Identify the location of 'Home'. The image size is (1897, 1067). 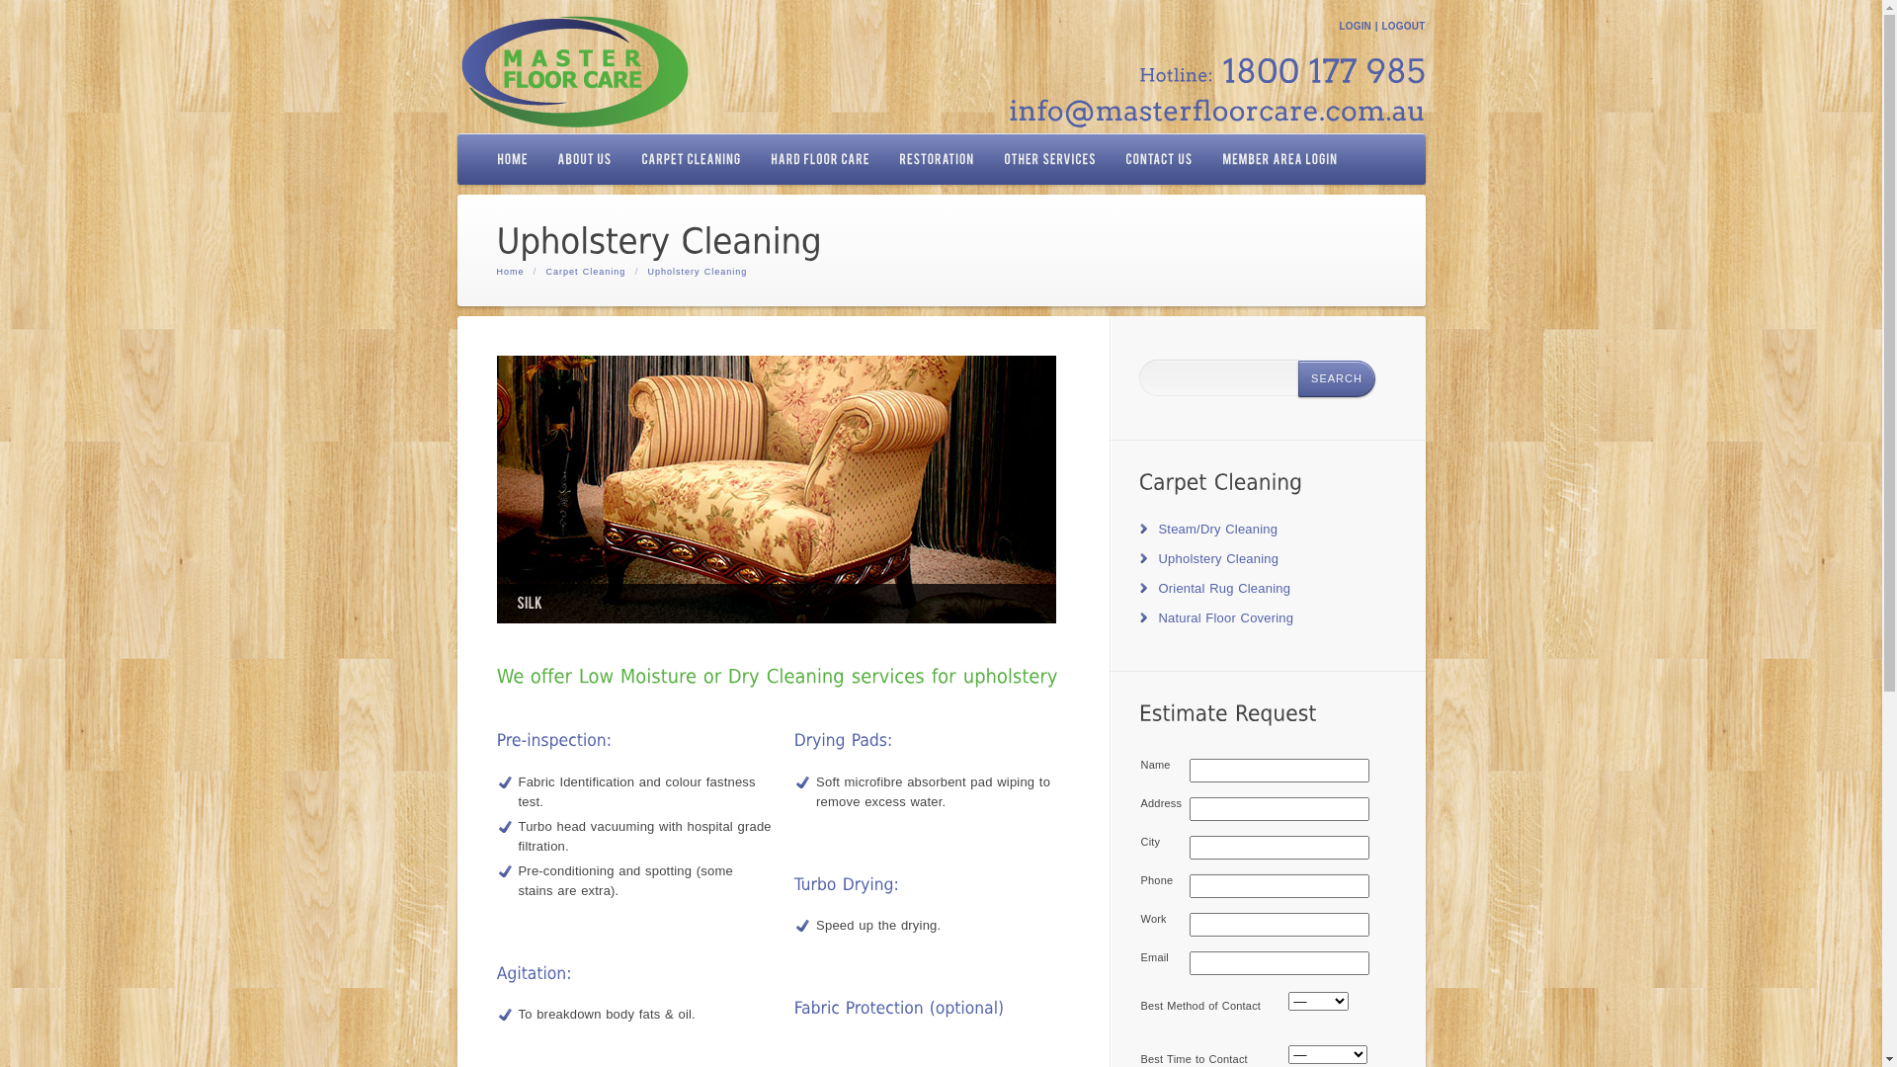
(510, 271).